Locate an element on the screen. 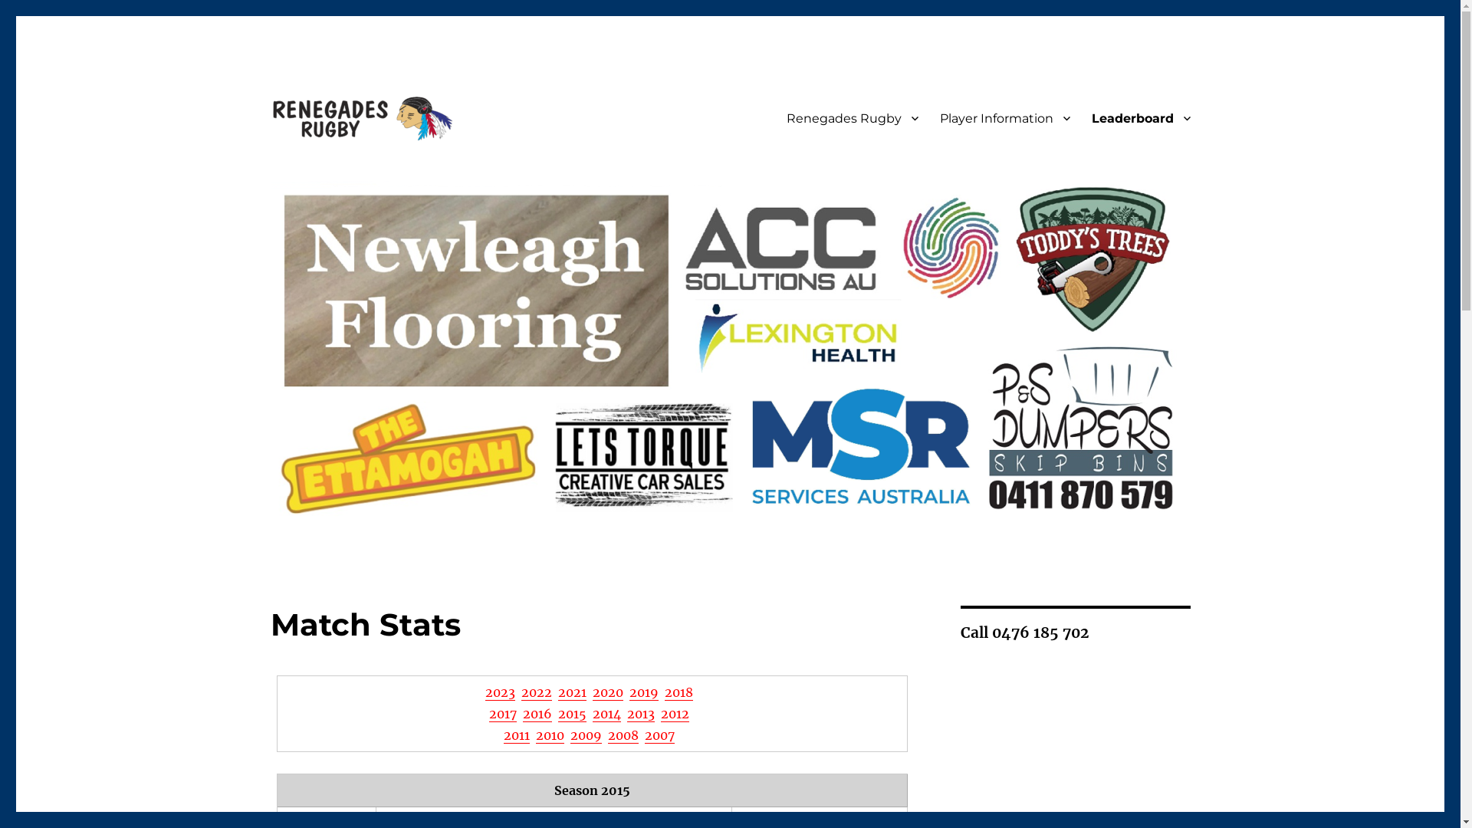 The image size is (1472, 828). '2018' is located at coordinates (678, 692).